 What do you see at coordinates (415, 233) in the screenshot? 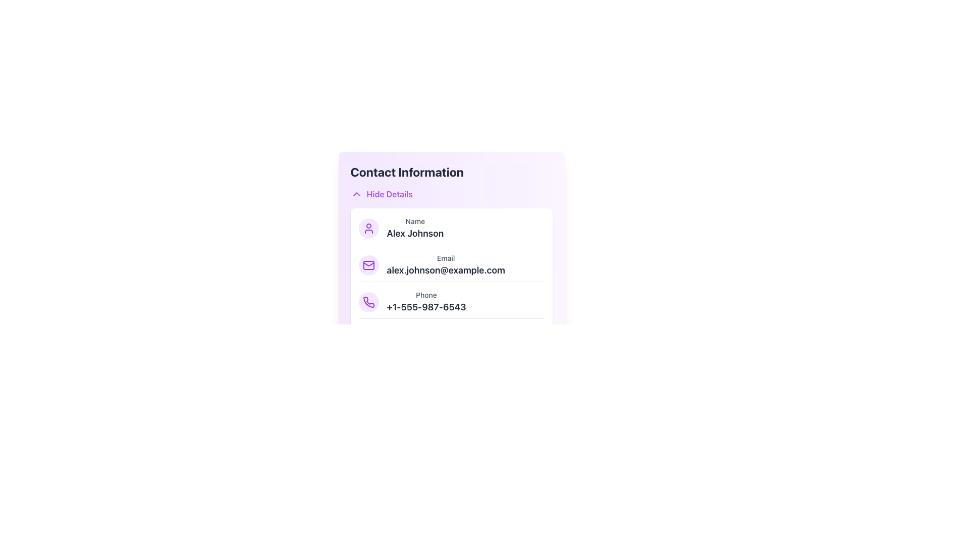
I see `the text label that displays the contact's name, located to the right of the avatar icon and below the 'Name' label in the 'Contact Information' section` at bounding box center [415, 233].